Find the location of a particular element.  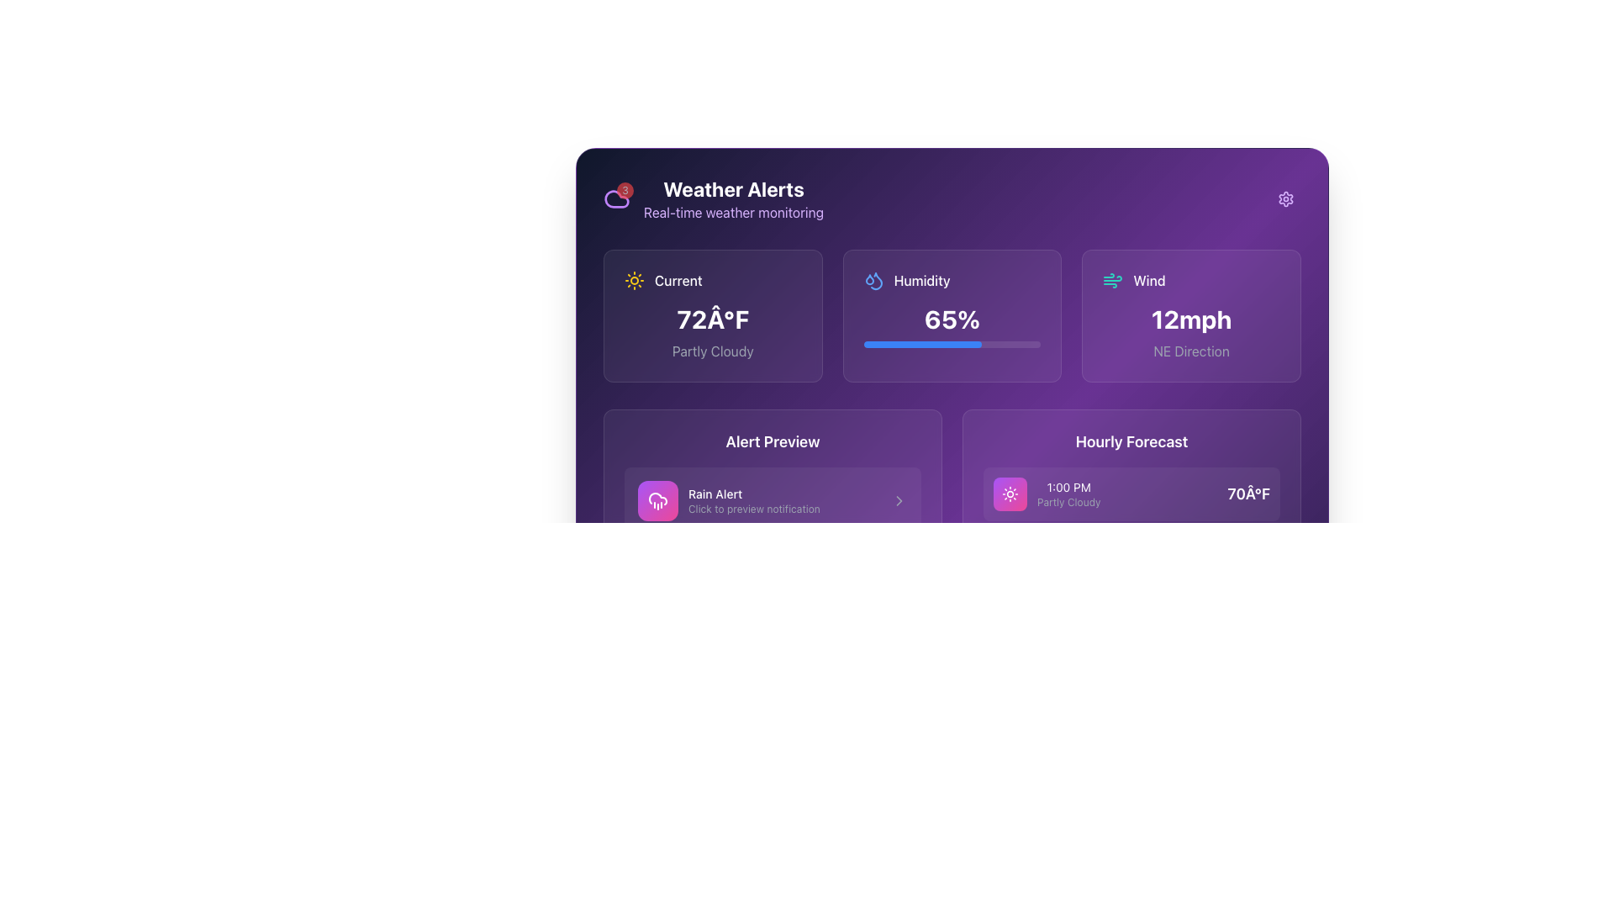

the sun icon located in the top-left corner of the weather card, which has a circular gradient background transitioning from purple to pink is located at coordinates (1009, 493).